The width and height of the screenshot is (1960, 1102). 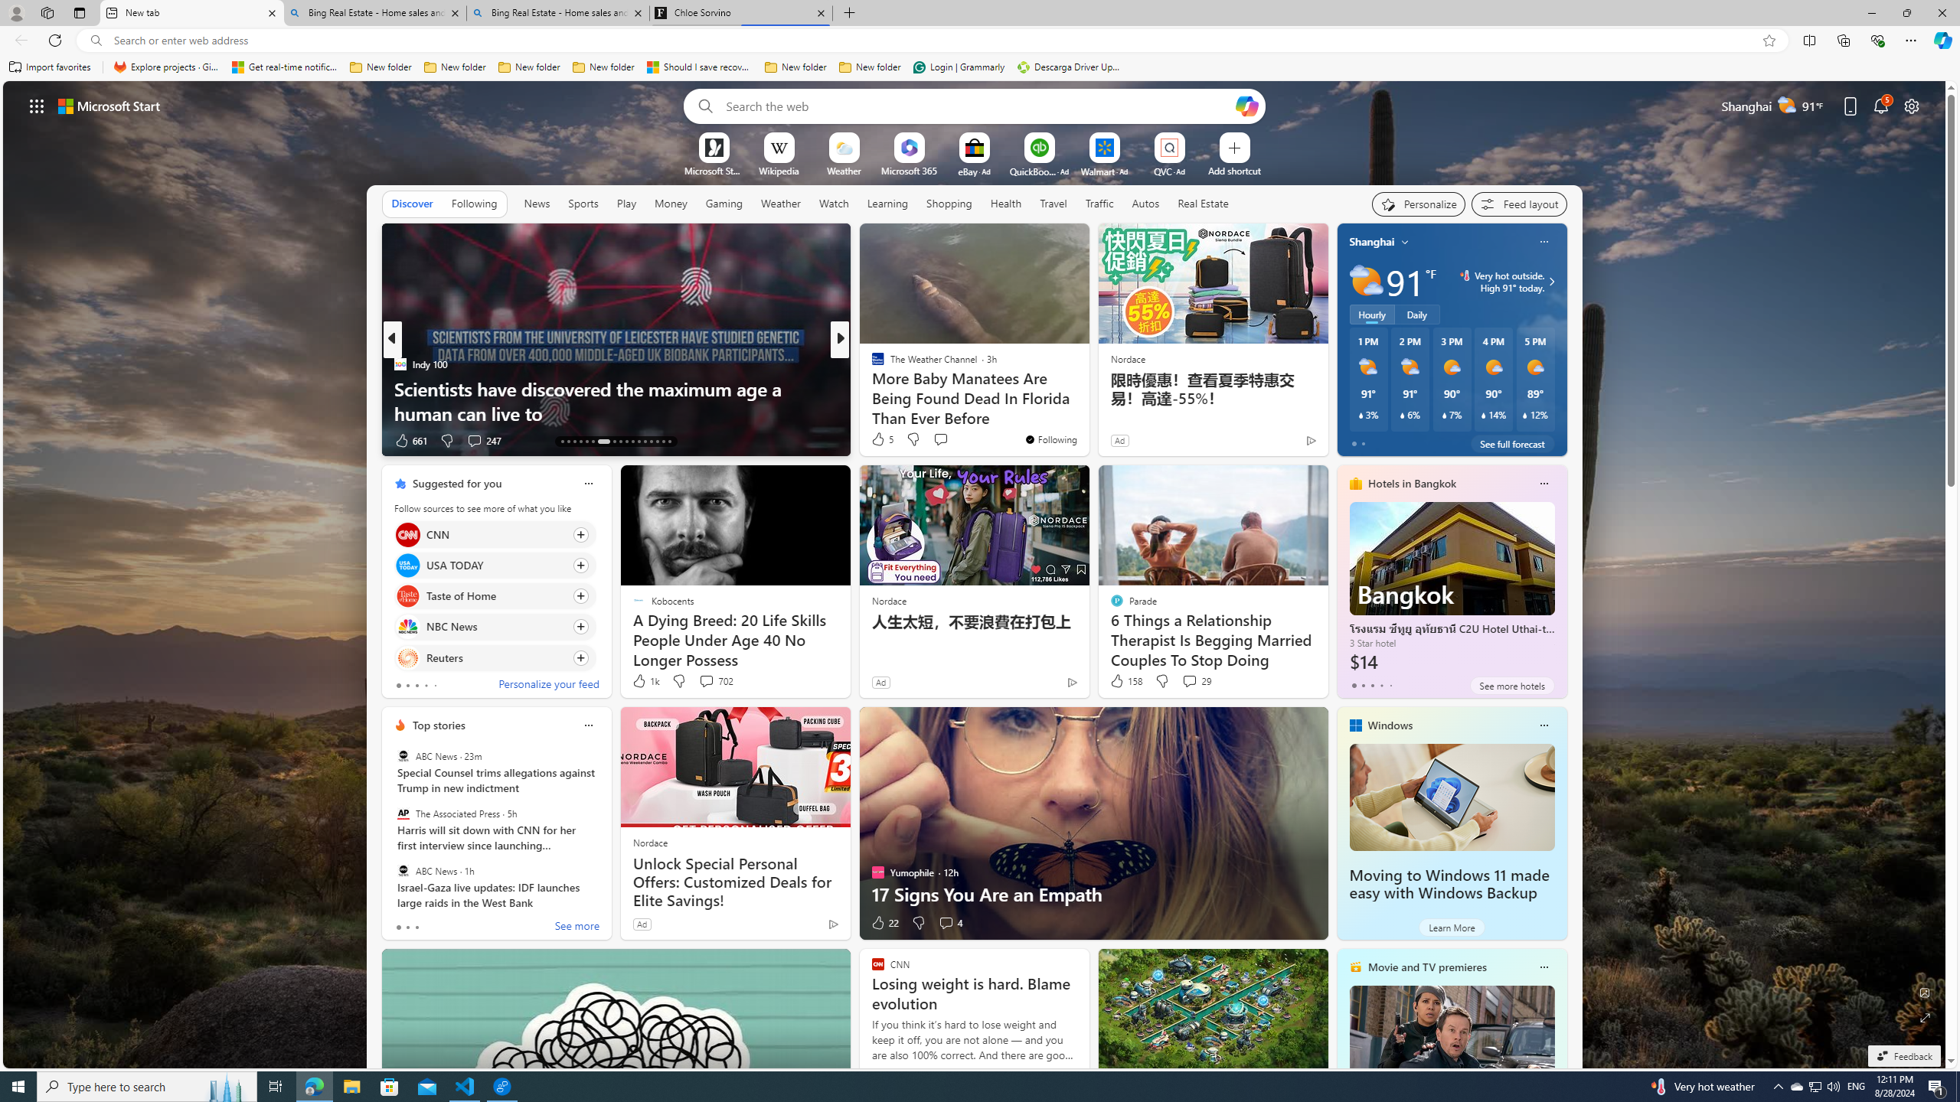 What do you see at coordinates (1411, 483) in the screenshot?
I see `'Hotels in Bangkok'` at bounding box center [1411, 483].